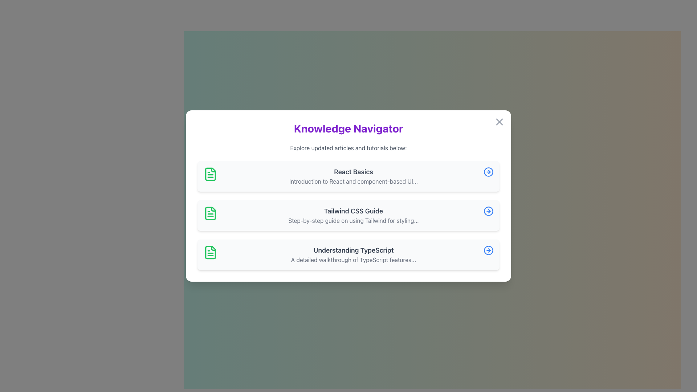 This screenshot has width=697, height=392. What do you see at coordinates (348, 176) in the screenshot?
I see `the Navigation Card titled 'React Basics' in the Knowledge Navigator modal` at bounding box center [348, 176].